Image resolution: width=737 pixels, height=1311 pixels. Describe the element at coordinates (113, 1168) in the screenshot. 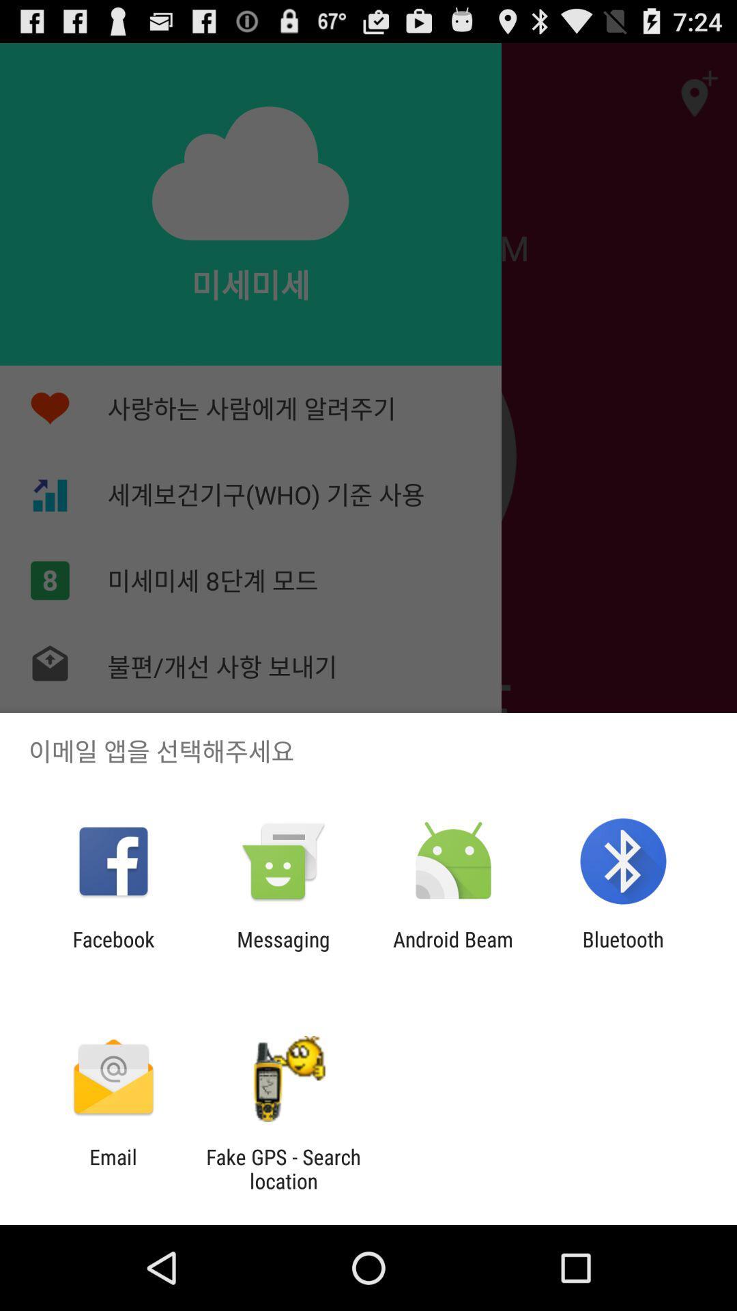

I see `item to the left of the fake gps search icon` at that location.